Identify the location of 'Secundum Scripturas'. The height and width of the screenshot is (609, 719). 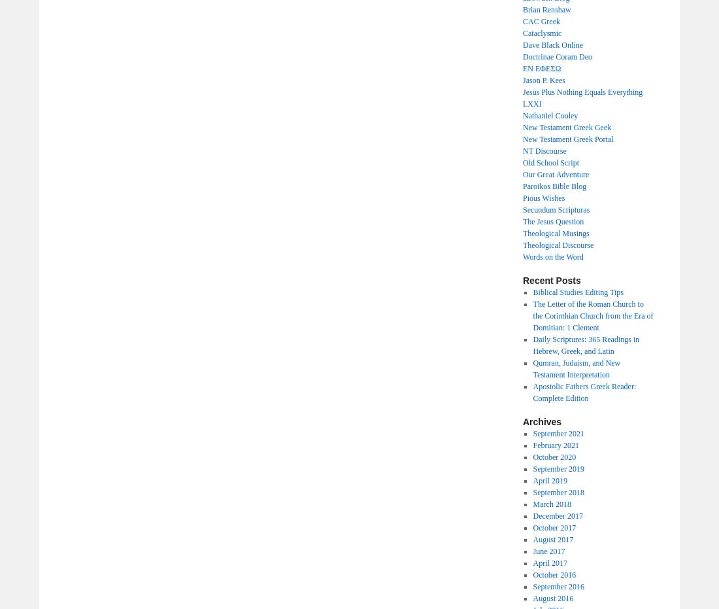
(555, 209).